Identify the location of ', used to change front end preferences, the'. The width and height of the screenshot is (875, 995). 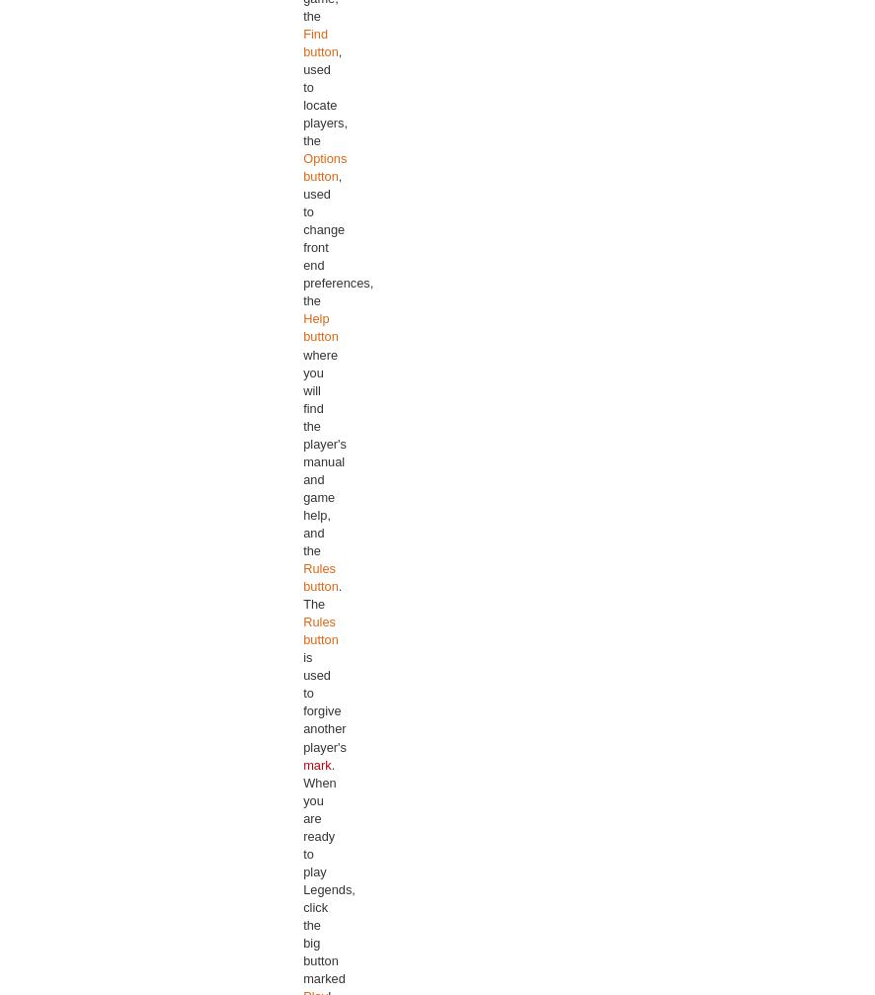
(337, 238).